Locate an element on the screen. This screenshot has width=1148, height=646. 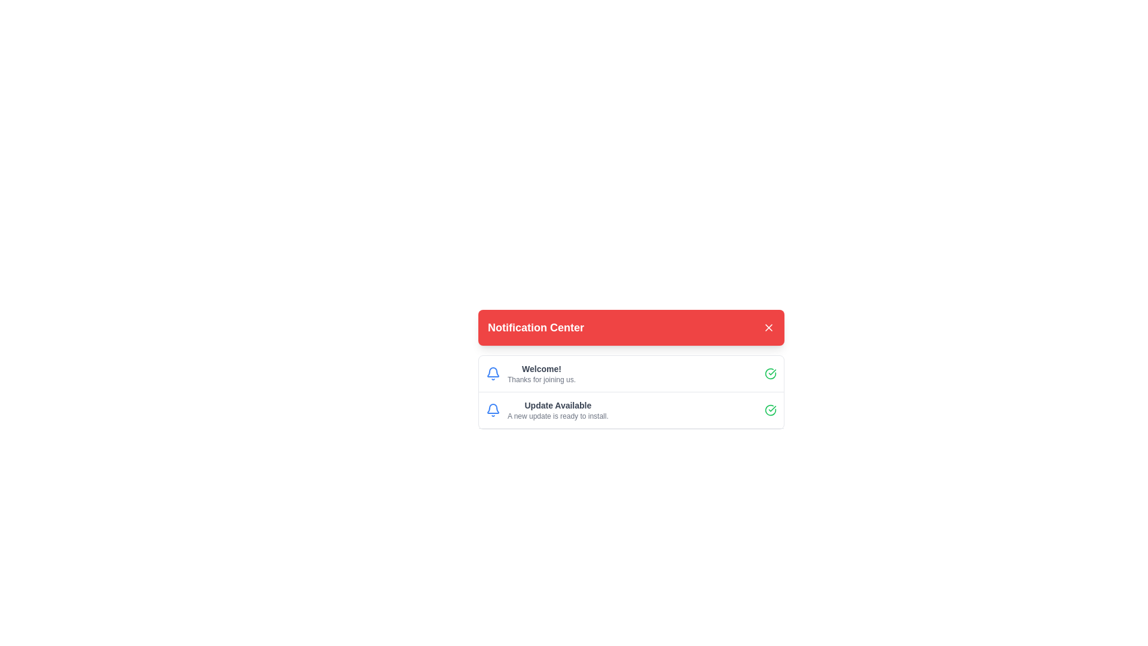
the static text 'A new update is ready to install.' located in the notification box titled 'Notification Center.' is located at coordinates (557, 415).